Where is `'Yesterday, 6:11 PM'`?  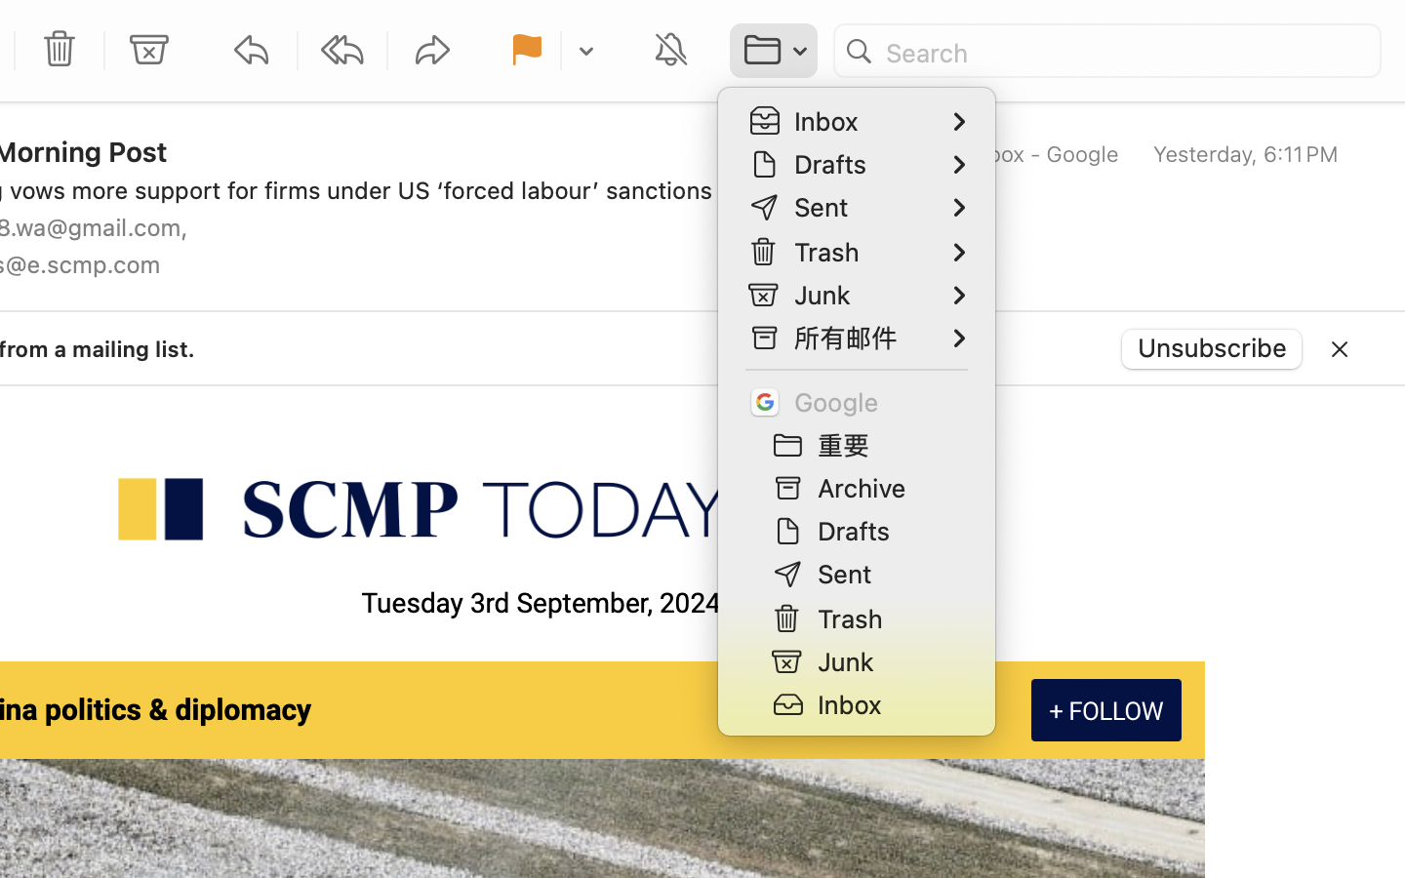 'Yesterday, 6:11 PM' is located at coordinates (1245, 154).